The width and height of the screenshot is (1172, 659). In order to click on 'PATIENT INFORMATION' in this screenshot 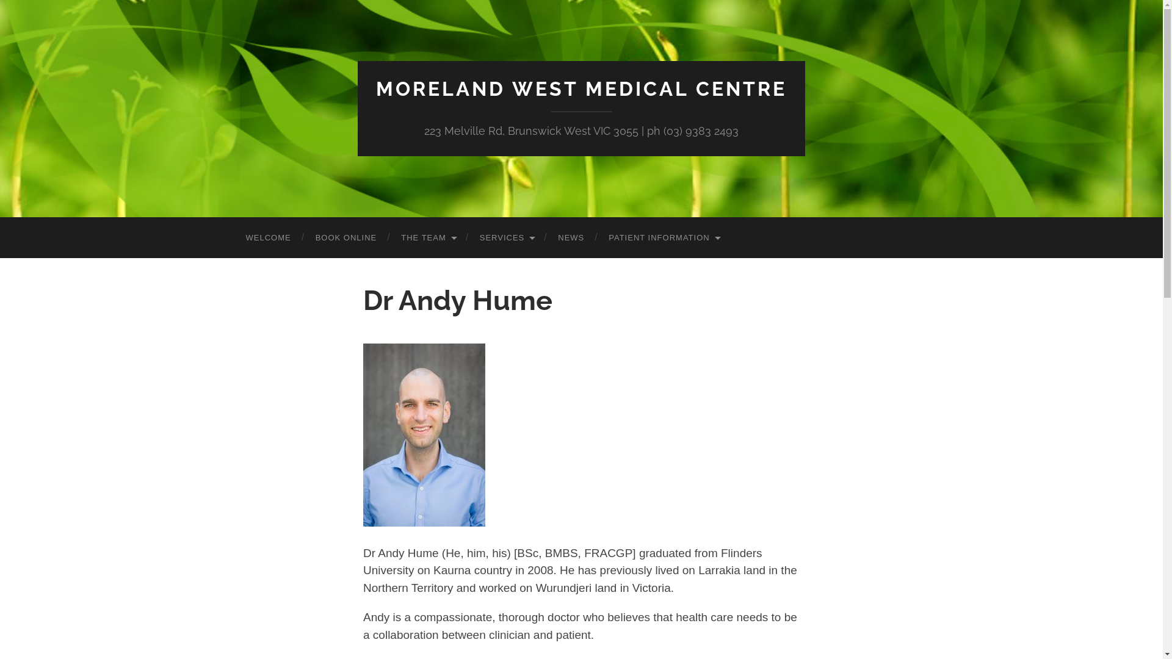, I will do `click(662, 237)`.